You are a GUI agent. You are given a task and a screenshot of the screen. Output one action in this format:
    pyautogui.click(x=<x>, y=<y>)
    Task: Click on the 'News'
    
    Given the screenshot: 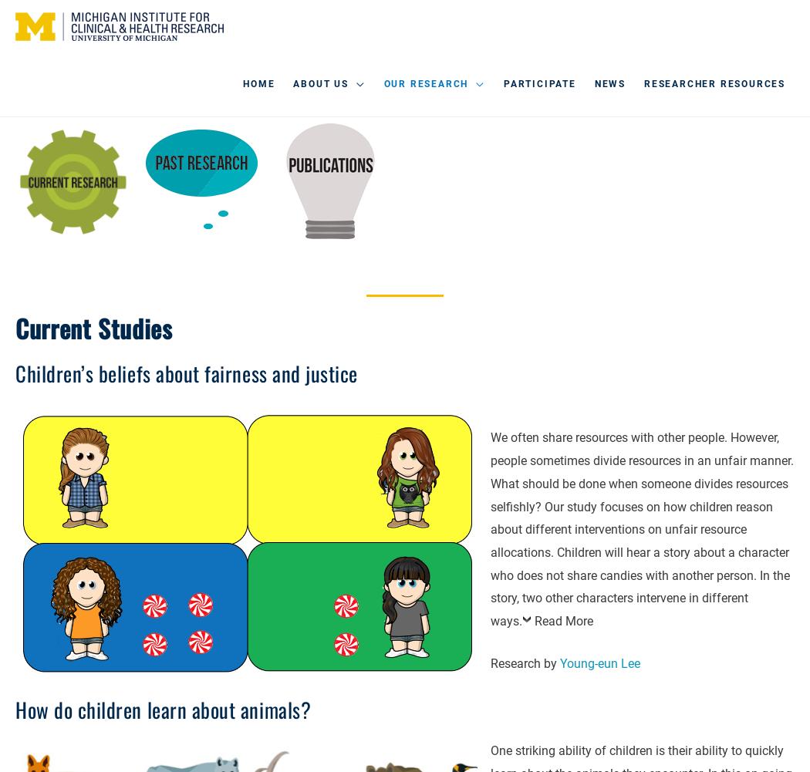 What is the action you would take?
    pyautogui.click(x=609, y=83)
    